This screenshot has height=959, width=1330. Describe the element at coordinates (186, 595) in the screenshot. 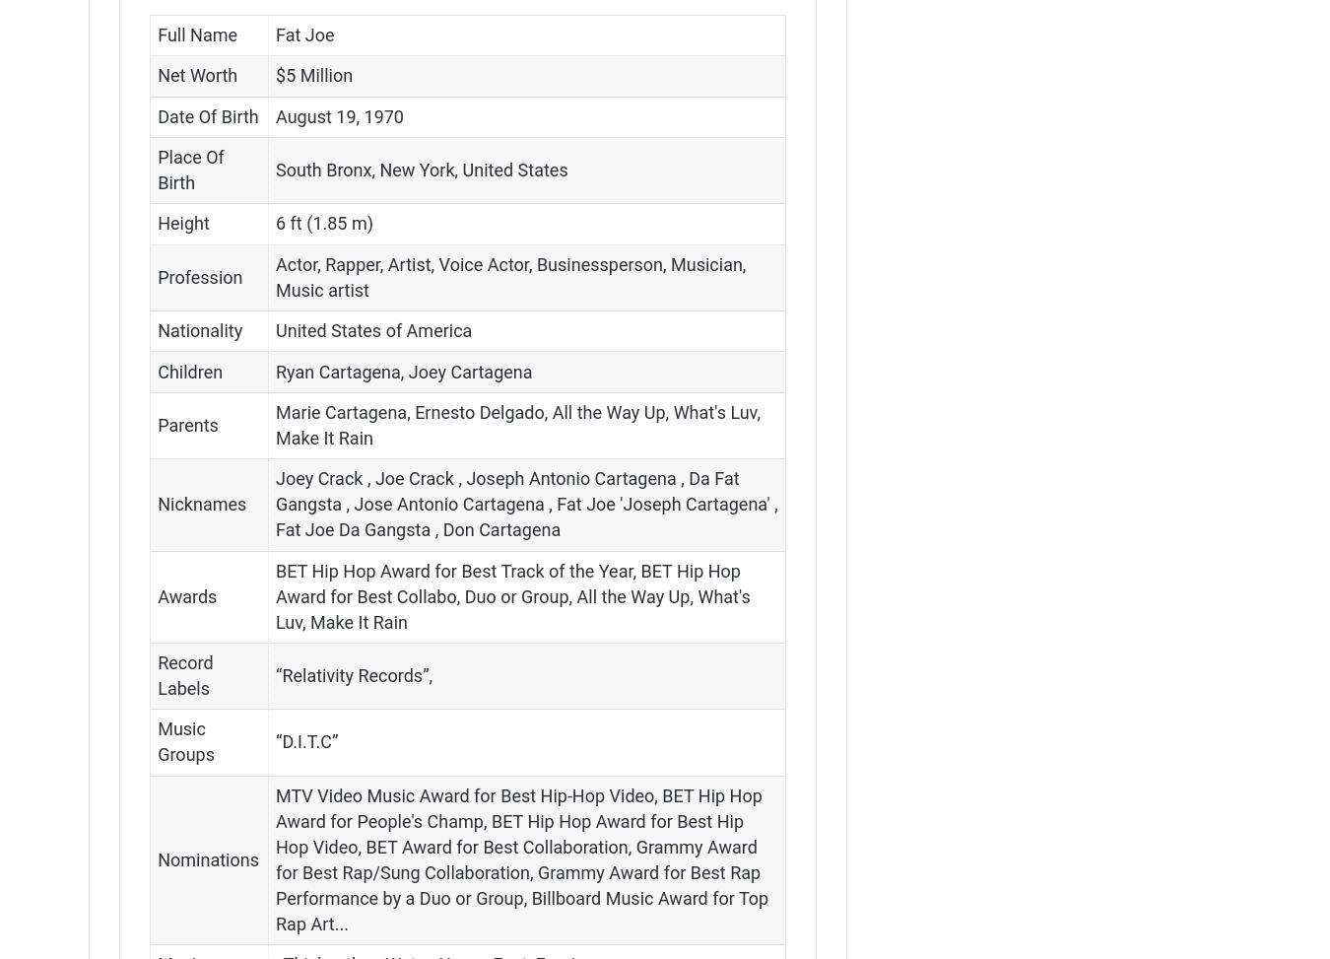

I see `'Awards'` at that location.